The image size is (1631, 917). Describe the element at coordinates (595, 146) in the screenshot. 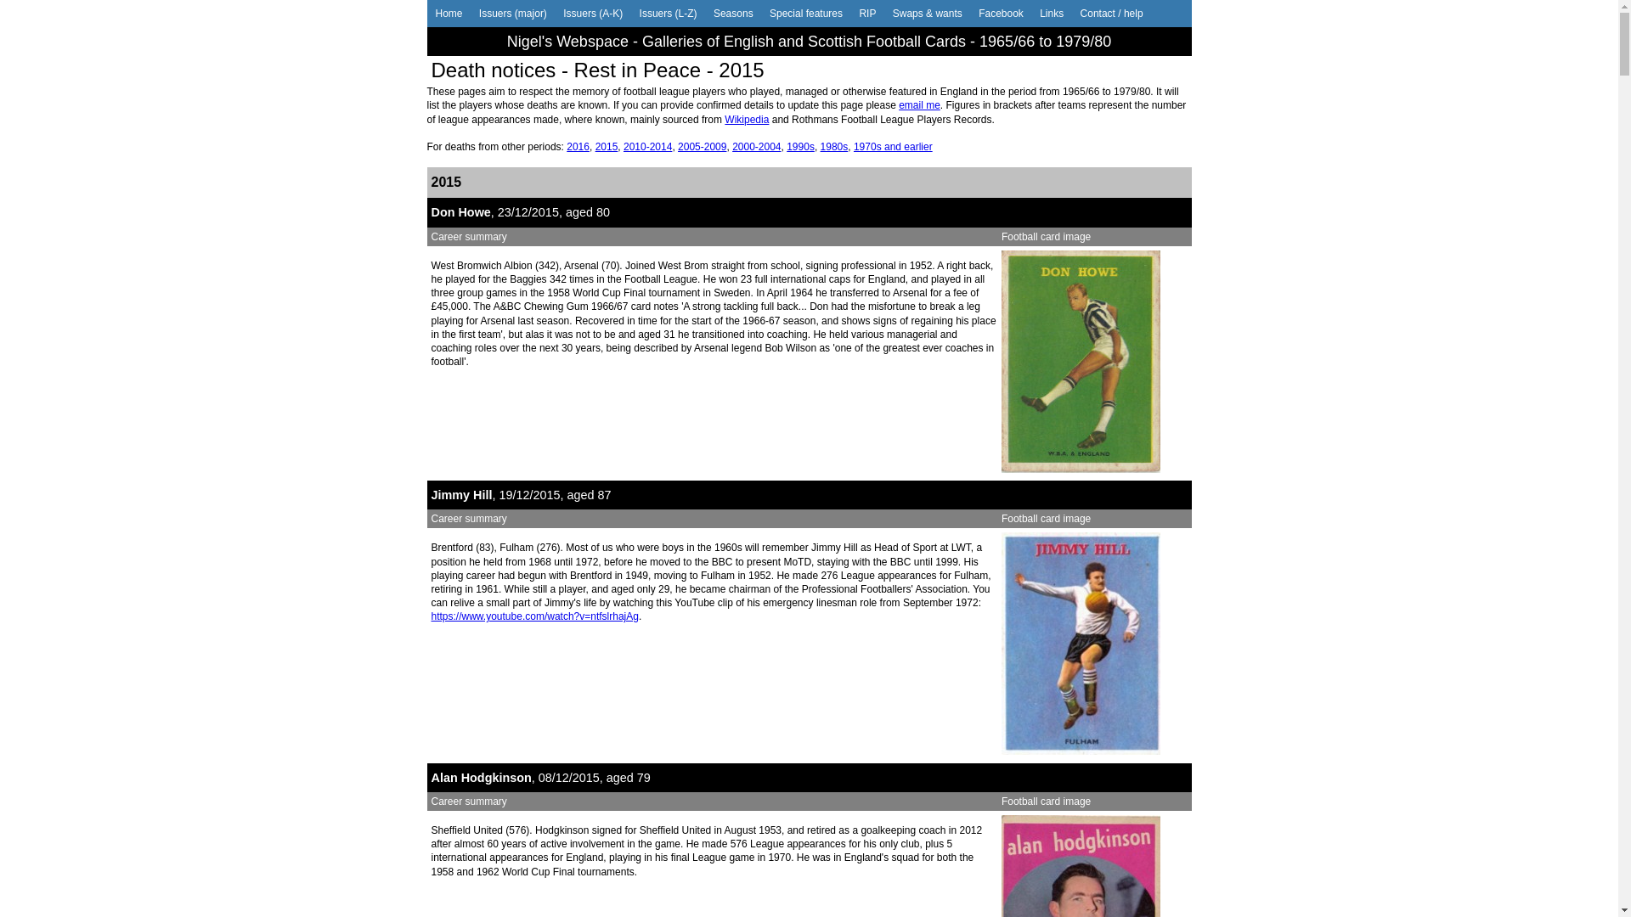

I see `'2015'` at that location.